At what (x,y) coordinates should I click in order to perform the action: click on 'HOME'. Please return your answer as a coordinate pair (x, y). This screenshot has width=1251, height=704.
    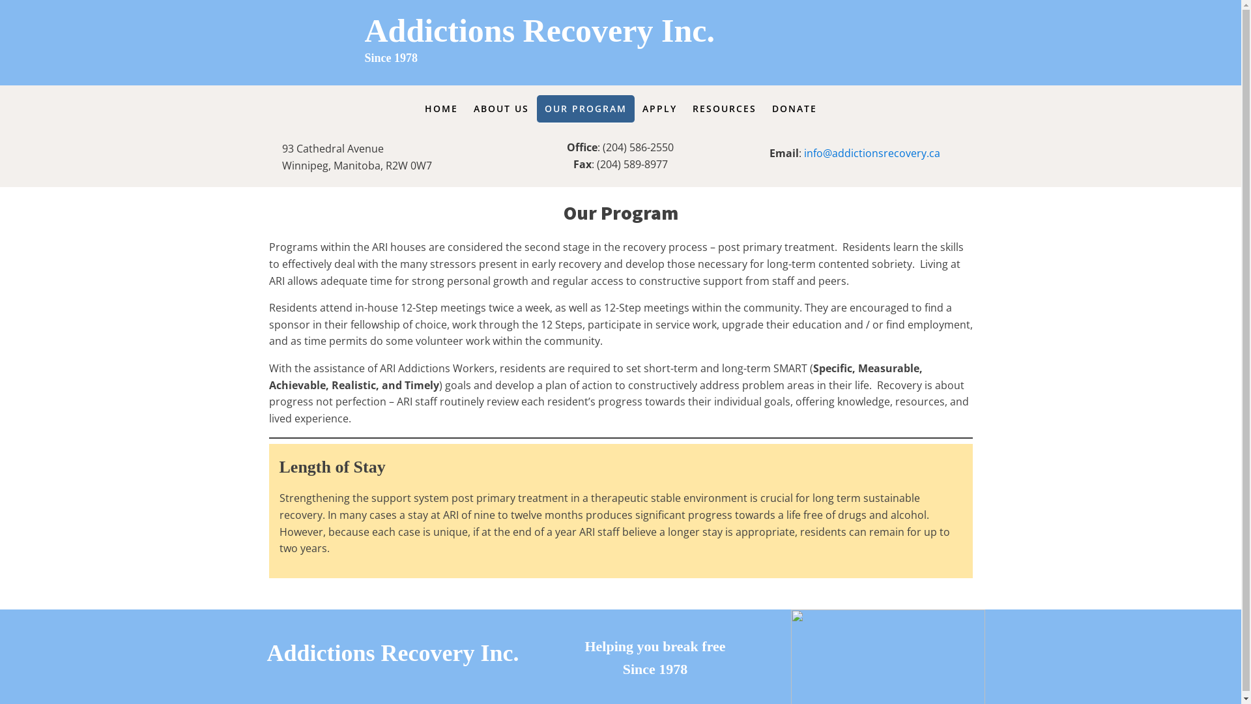
    Looking at the image, I should click on (441, 108).